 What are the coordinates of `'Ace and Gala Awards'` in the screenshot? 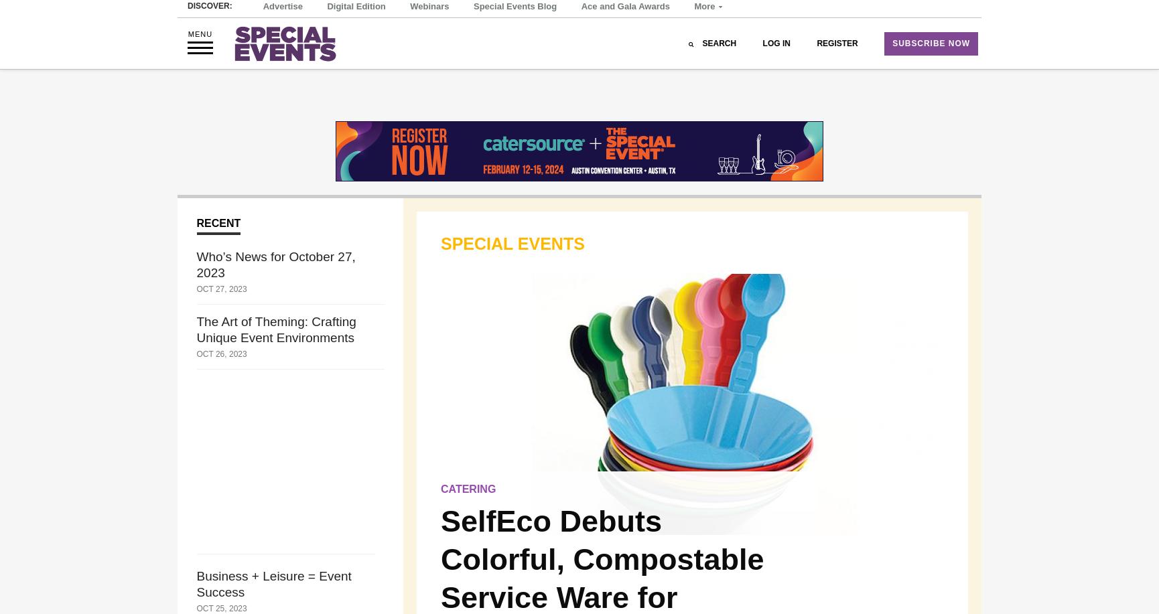 It's located at (581, 35).